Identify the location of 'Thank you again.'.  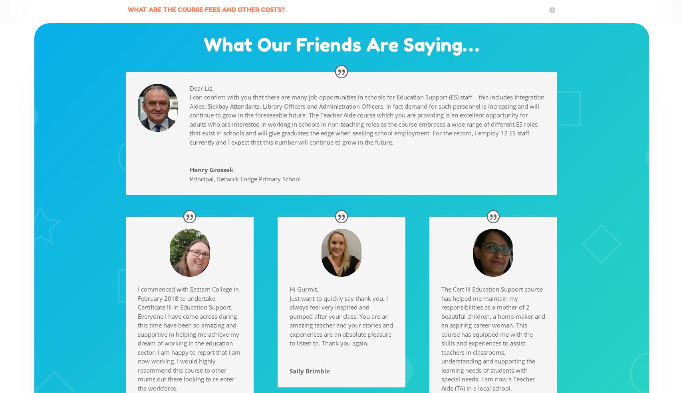
(344, 343).